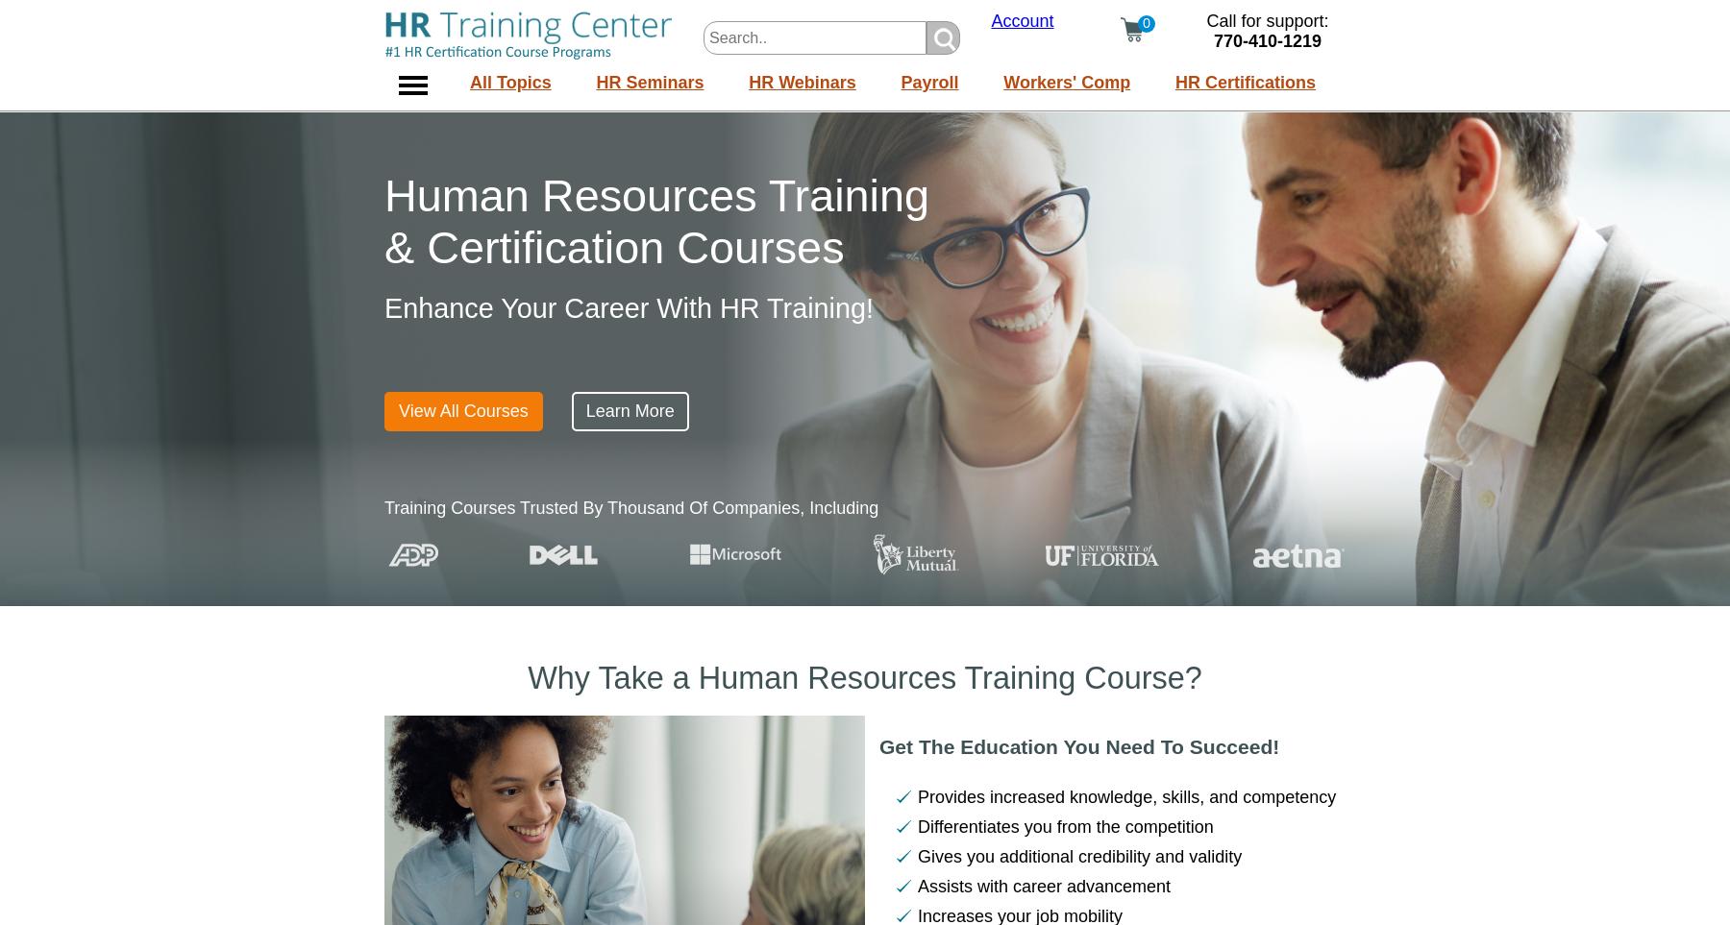 The height and width of the screenshot is (925, 1730). What do you see at coordinates (462, 410) in the screenshot?
I see `'View All Courses'` at bounding box center [462, 410].